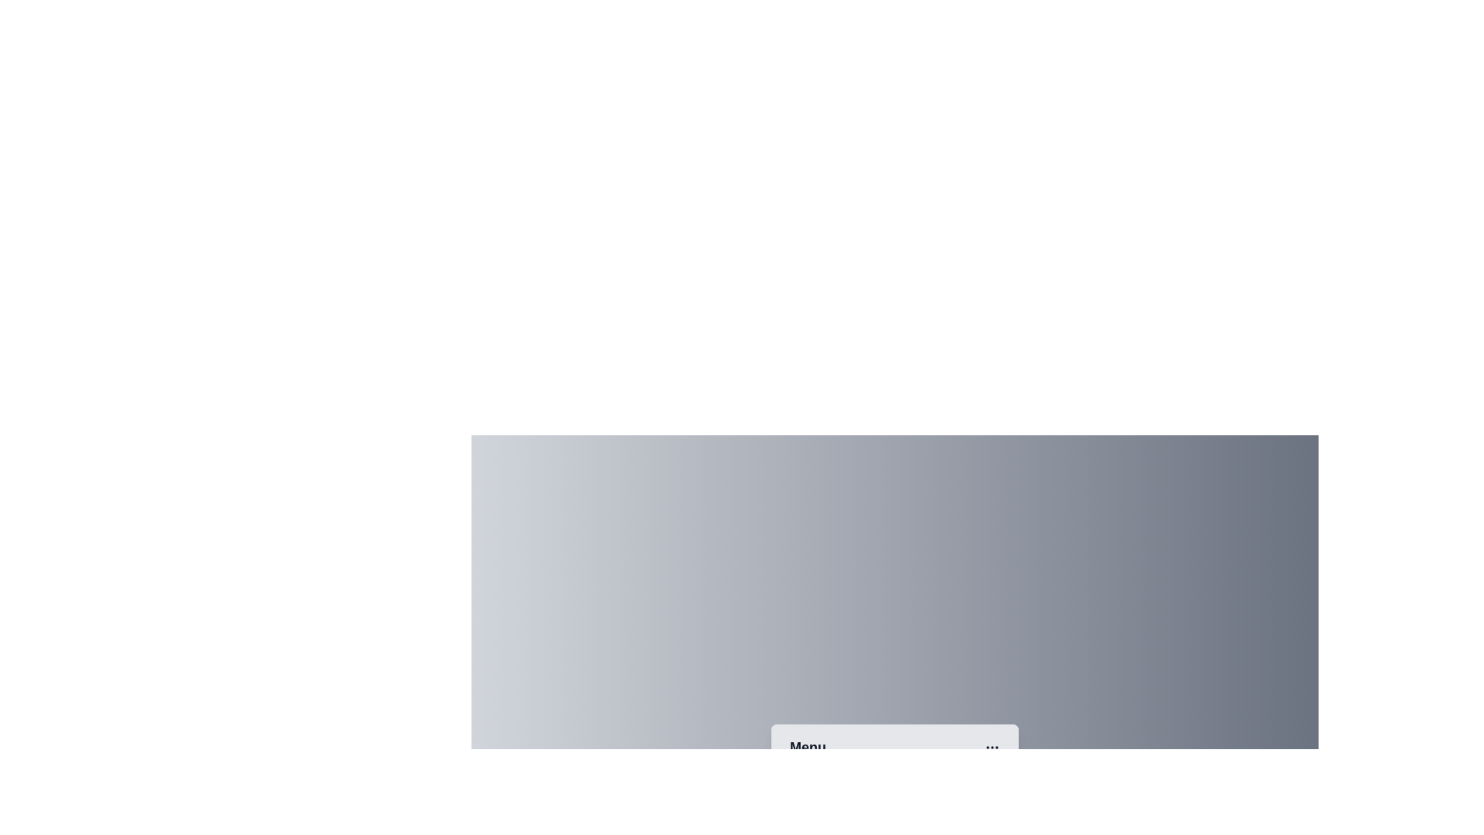 The width and height of the screenshot is (1484, 835). Describe the element at coordinates (894, 747) in the screenshot. I see `the 'Menu' button to toggle the menu open or closed` at that location.